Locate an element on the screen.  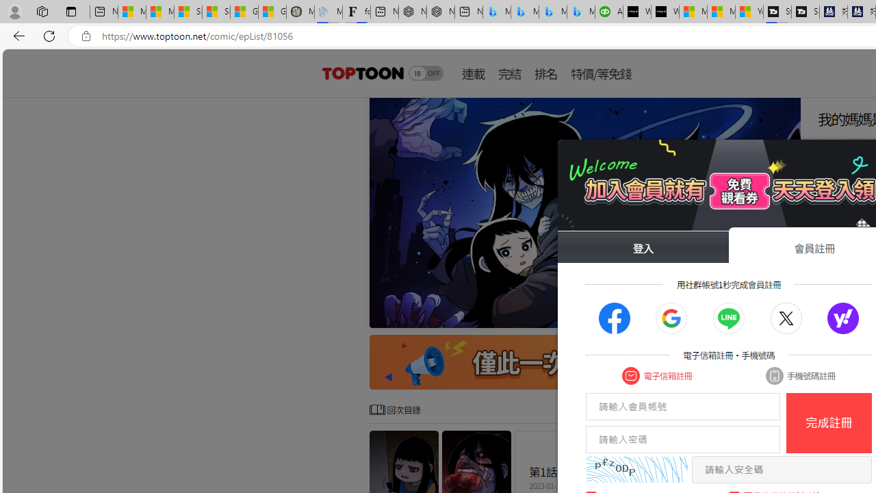
'Class: swiper-slide swiper-slide-duplicate-next' is located at coordinates (585, 213).